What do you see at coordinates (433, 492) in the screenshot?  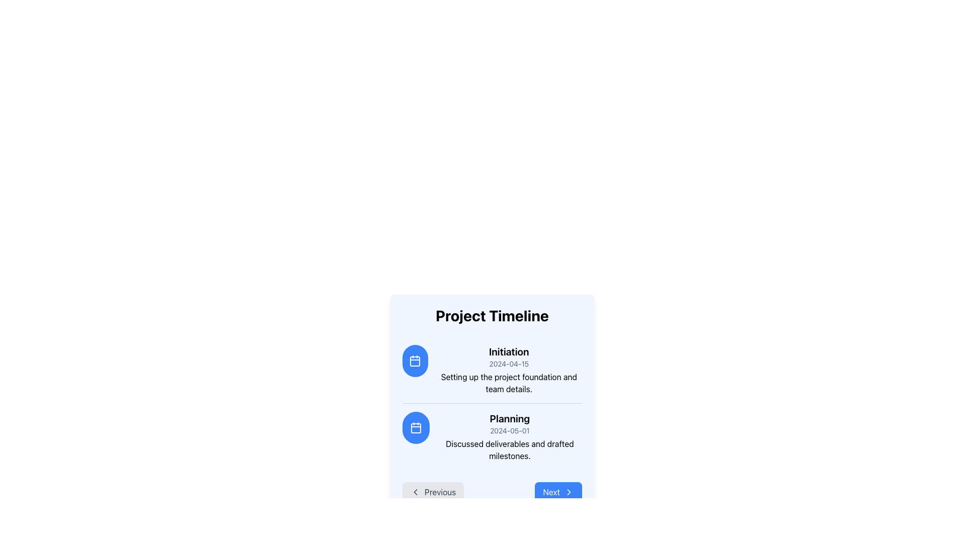 I see `the 'Previous' button with a gray background and rounded corners, which contains text aligned to the right of a left-pointing arrow icon, to observe hover effects` at bounding box center [433, 492].